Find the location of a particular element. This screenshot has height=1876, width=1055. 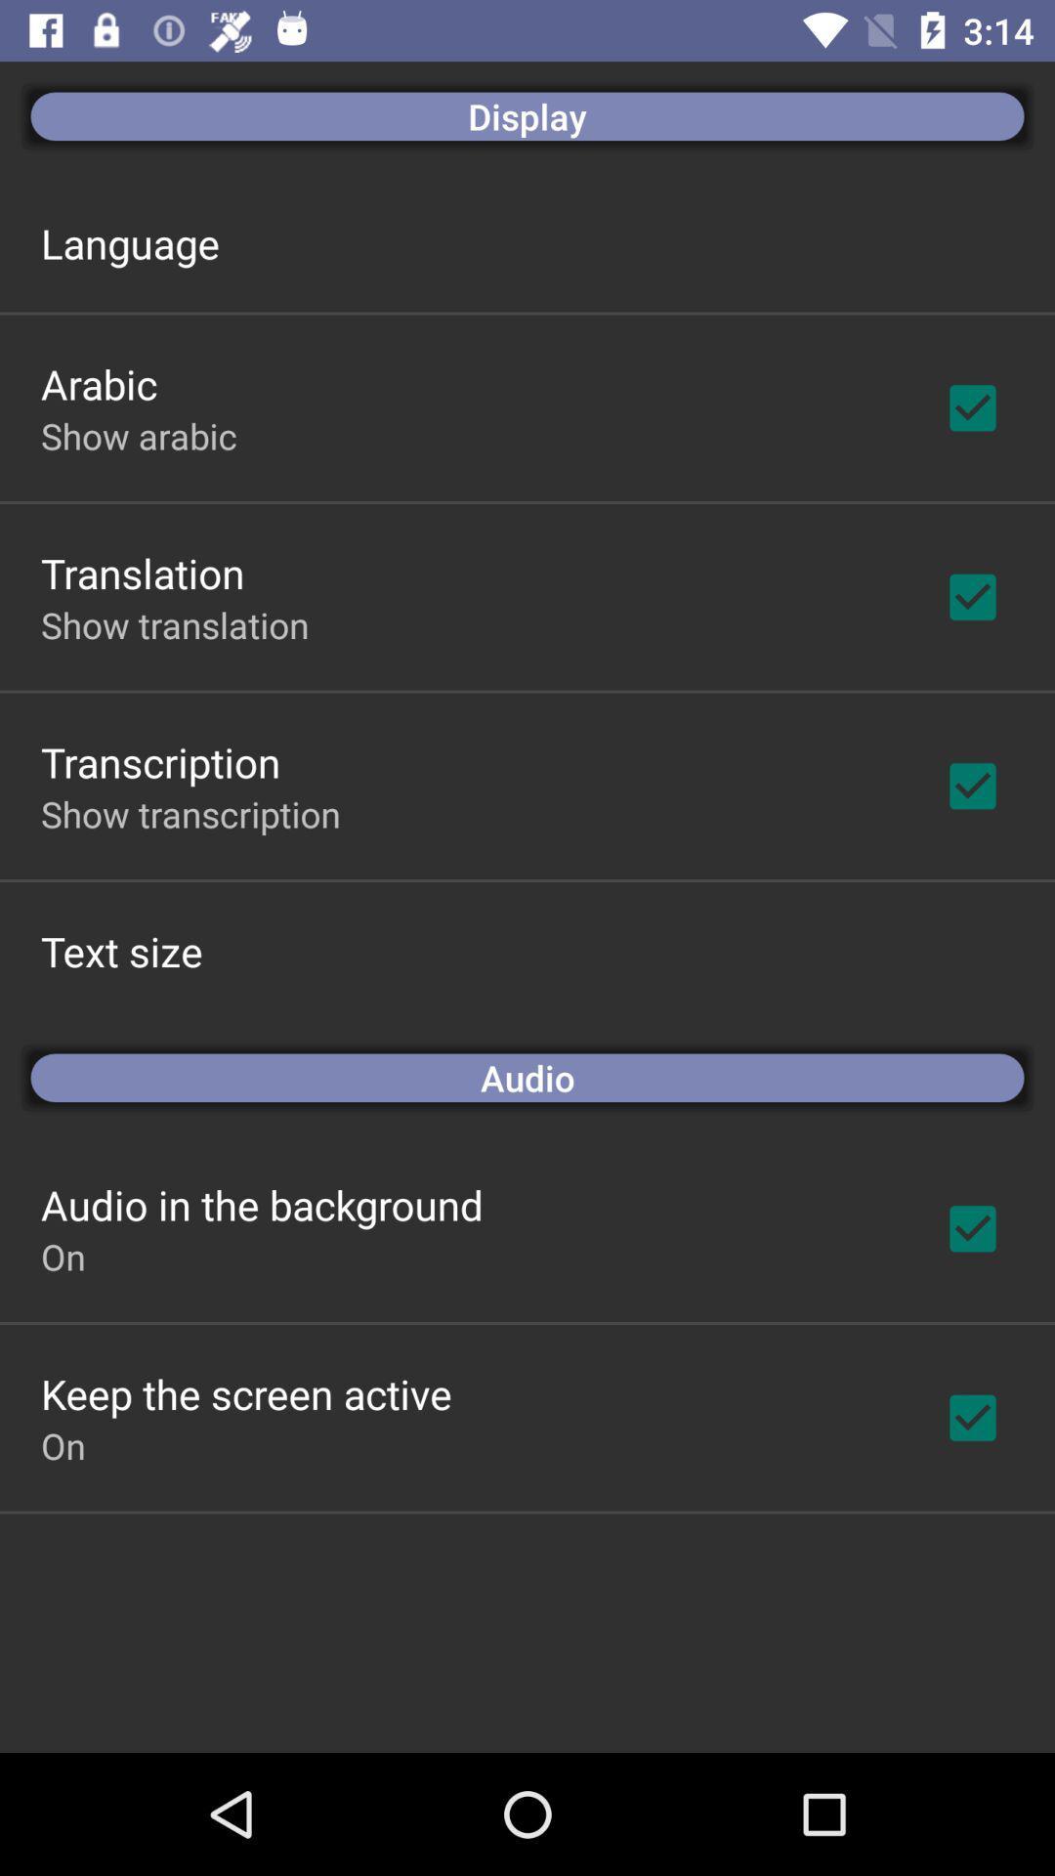

app above the transcription item is located at coordinates (174, 623).